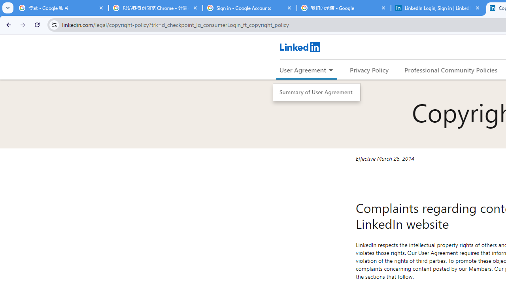 This screenshot has width=506, height=285. Describe the element at coordinates (299, 47) in the screenshot. I see `'LinkedIn Logo'` at that location.